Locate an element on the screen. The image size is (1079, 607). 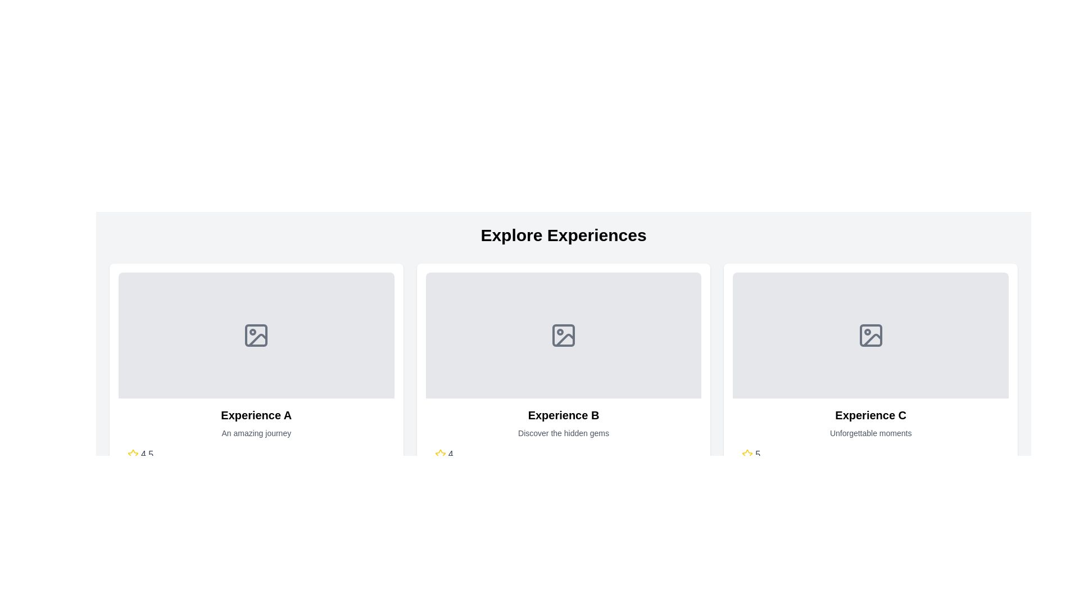
the SVG image icon representing a framed mountain and a sun, located in the first column of a grid layout under the 'Explore Experiences' heading, centered above the title 'Experience A.' is located at coordinates (256, 335).